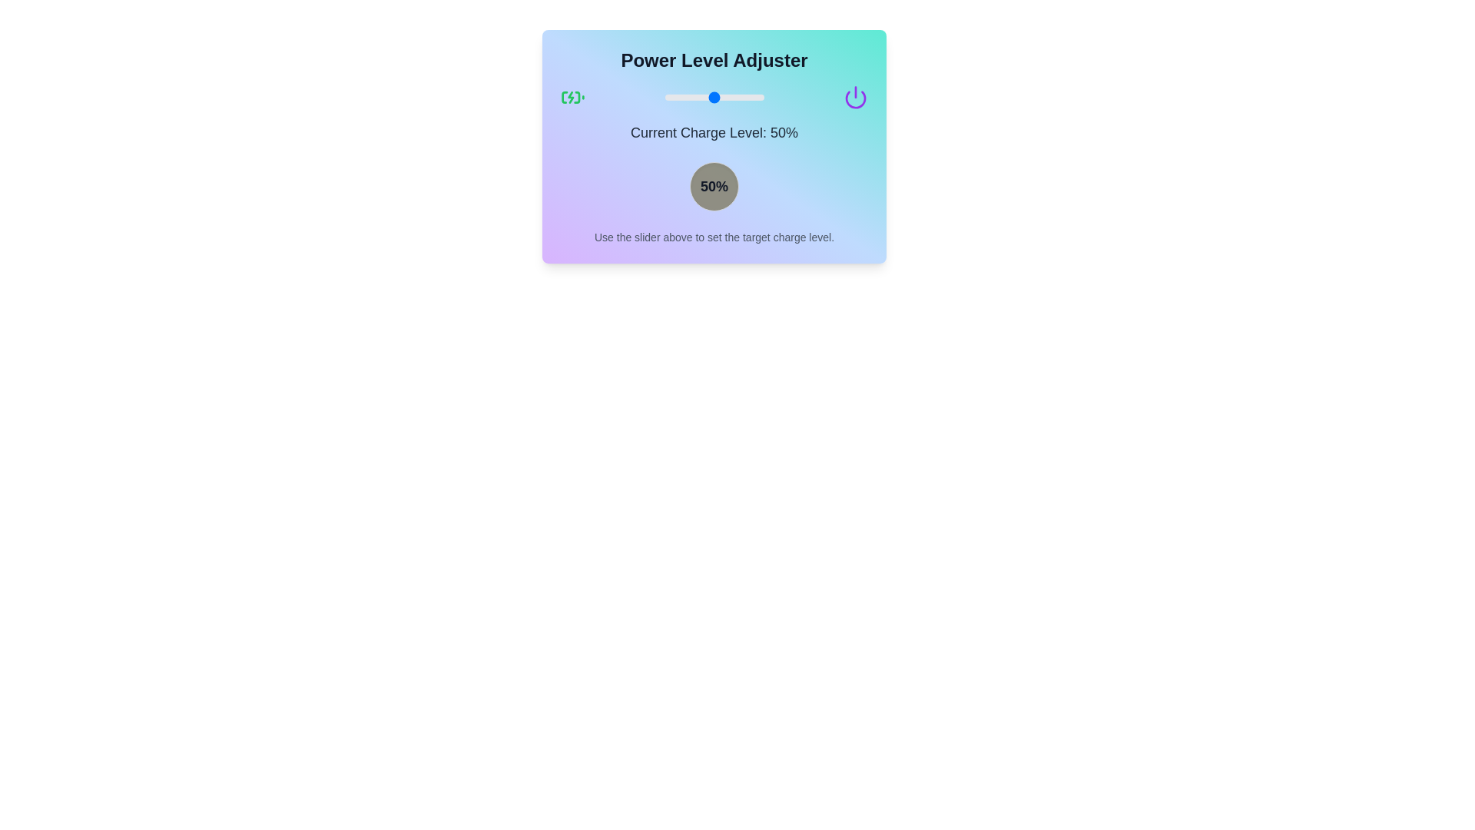 The image size is (1475, 830). What do you see at coordinates (572, 98) in the screenshot?
I see `the green charging battery icon located in the top-left section of the 'Power Level Adjuster' card` at bounding box center [572, 98].